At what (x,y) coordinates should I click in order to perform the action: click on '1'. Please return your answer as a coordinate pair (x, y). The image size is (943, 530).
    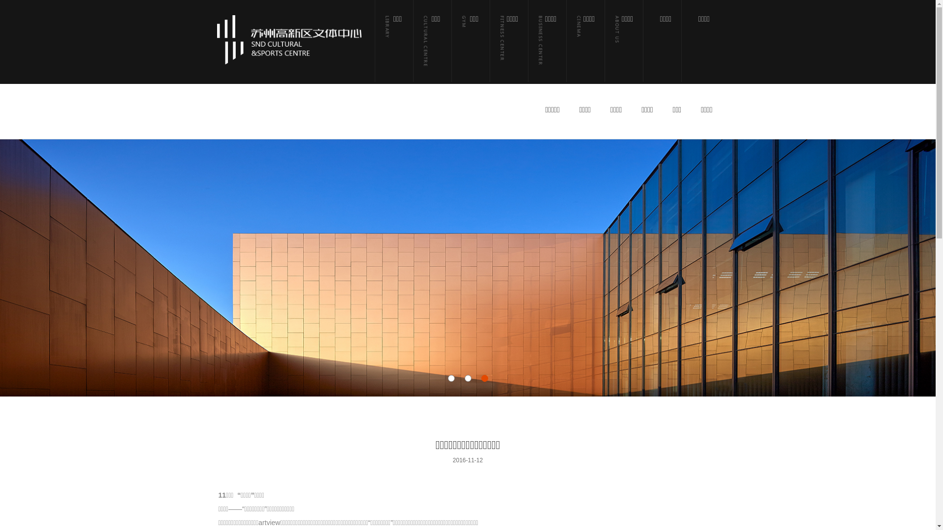
    Looking at the image, I should click on (450, 378).